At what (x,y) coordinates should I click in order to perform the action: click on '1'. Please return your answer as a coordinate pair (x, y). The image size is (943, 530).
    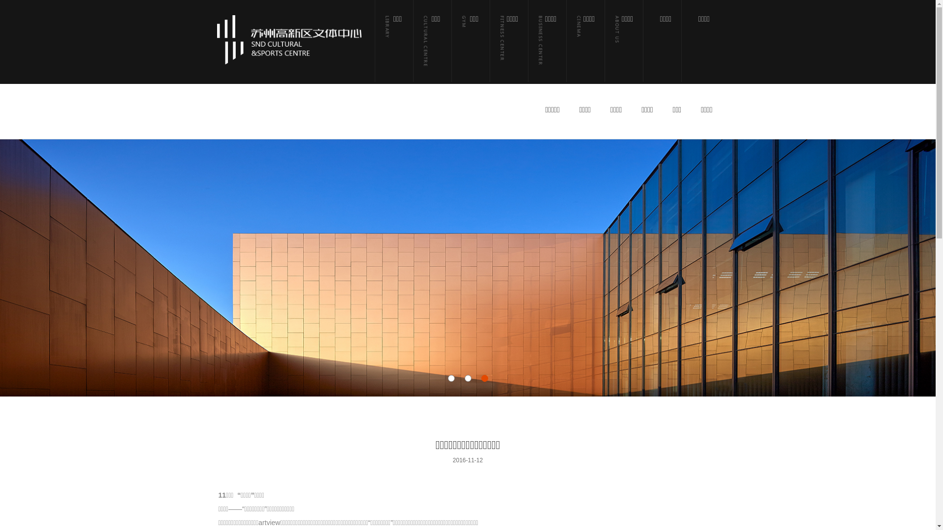
    Looking at the image, I should click on (450, 378).